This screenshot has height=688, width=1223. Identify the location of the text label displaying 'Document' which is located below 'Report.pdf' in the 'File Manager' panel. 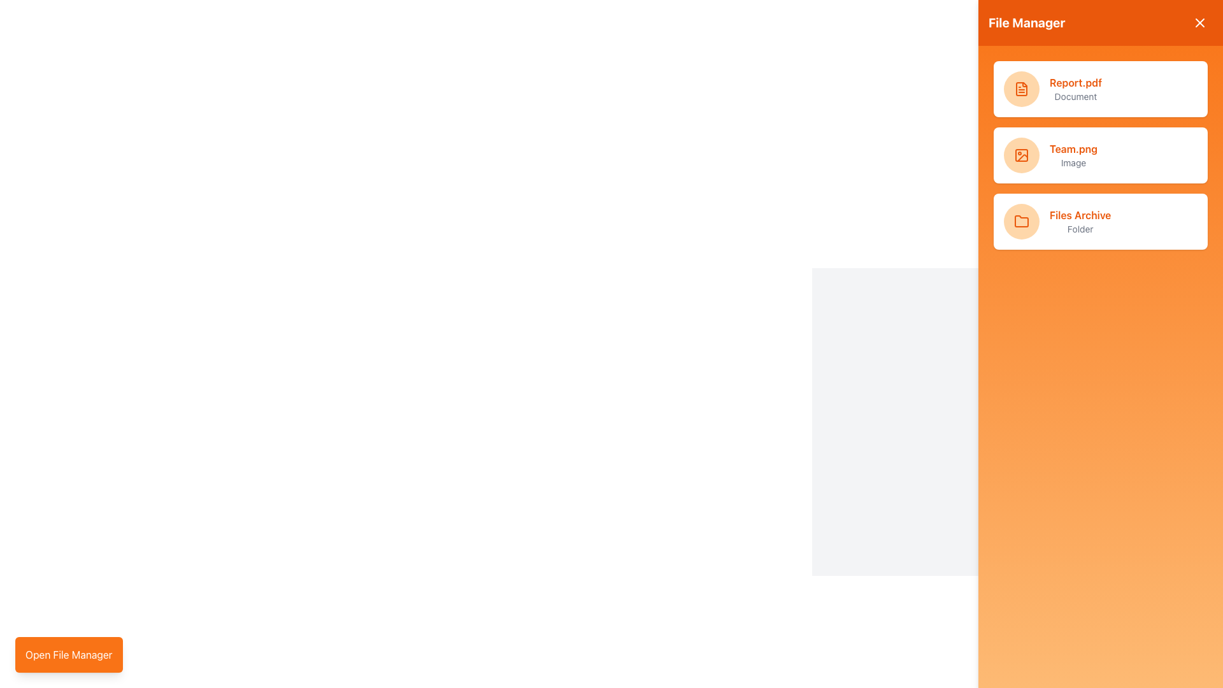
(1075, 96).